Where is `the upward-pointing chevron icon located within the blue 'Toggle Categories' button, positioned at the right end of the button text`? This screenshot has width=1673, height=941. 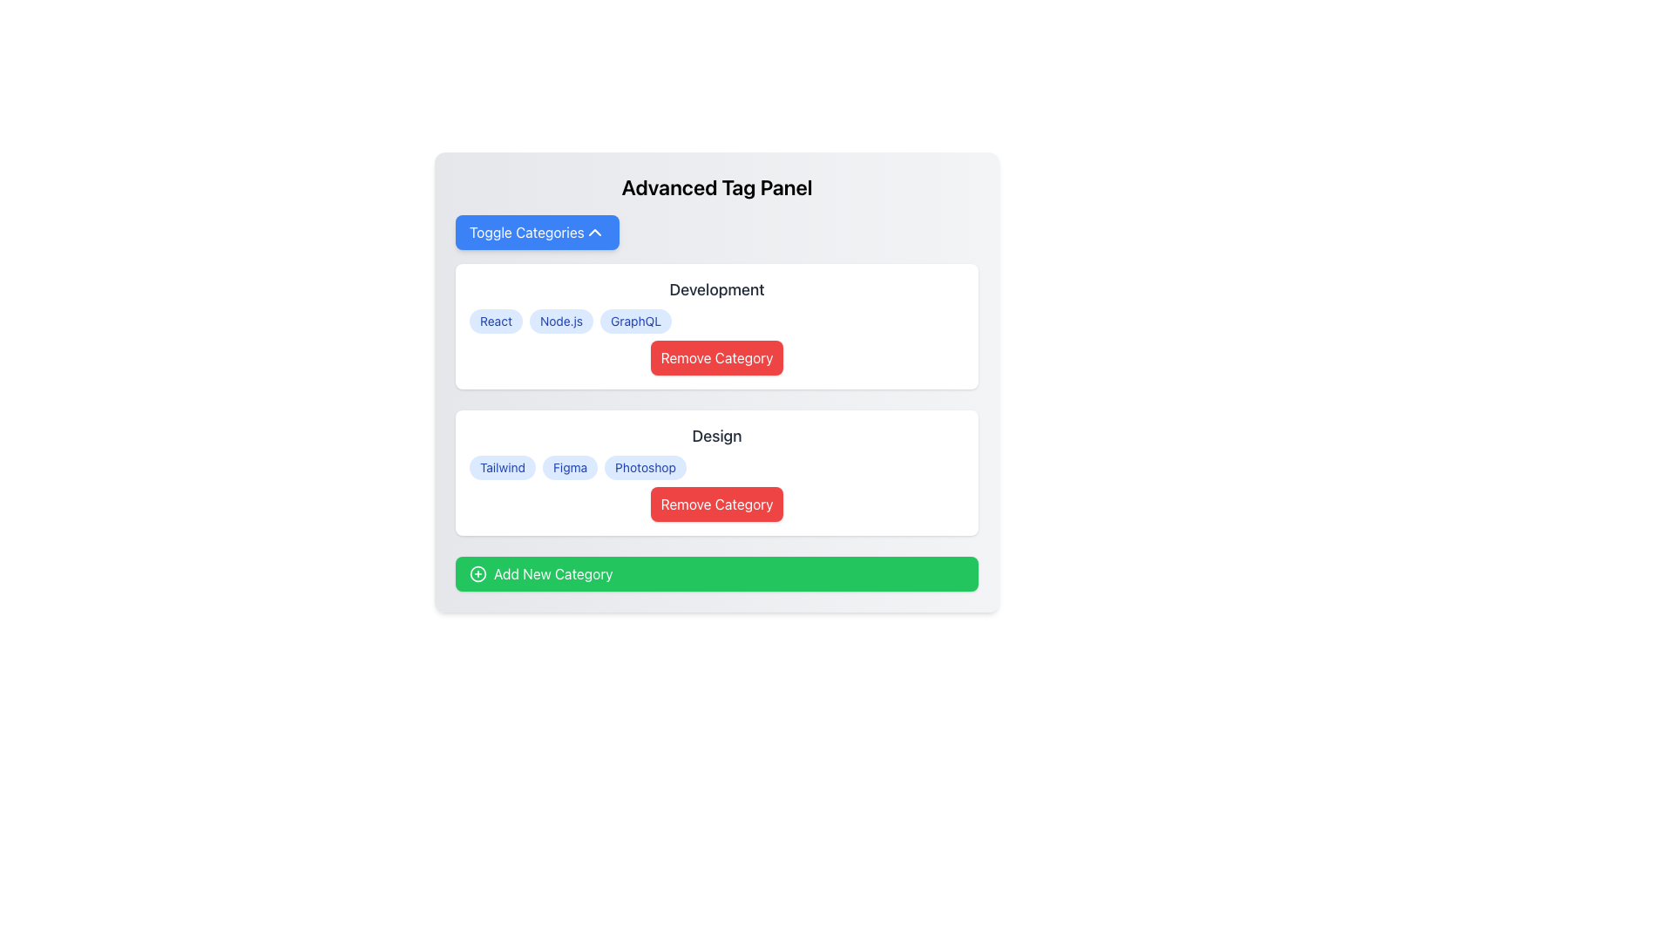 the upward-pointing chevron icon located within the blue 'Toggle Categories' button, positioned at the right end of the button text is located at coordinates (594, 231).